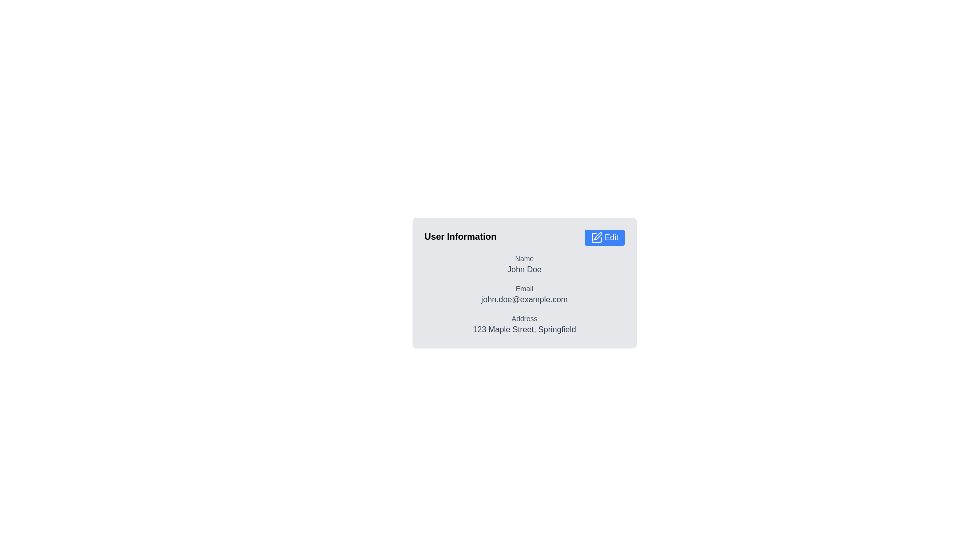 The width and height of the screenshot is (960, 540). I want to click on the edit icon located in the top-right corner of the 'User Information' card, positioned beside the 'Edit' text, so click(596, 237).